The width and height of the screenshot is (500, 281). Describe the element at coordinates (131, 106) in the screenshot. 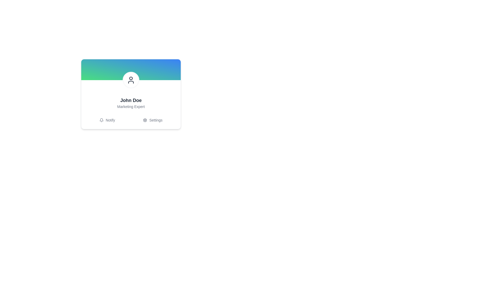

I see `the text label indicating the professional role of John Doe, which is located directly below the name in the profile card layout` at that location.